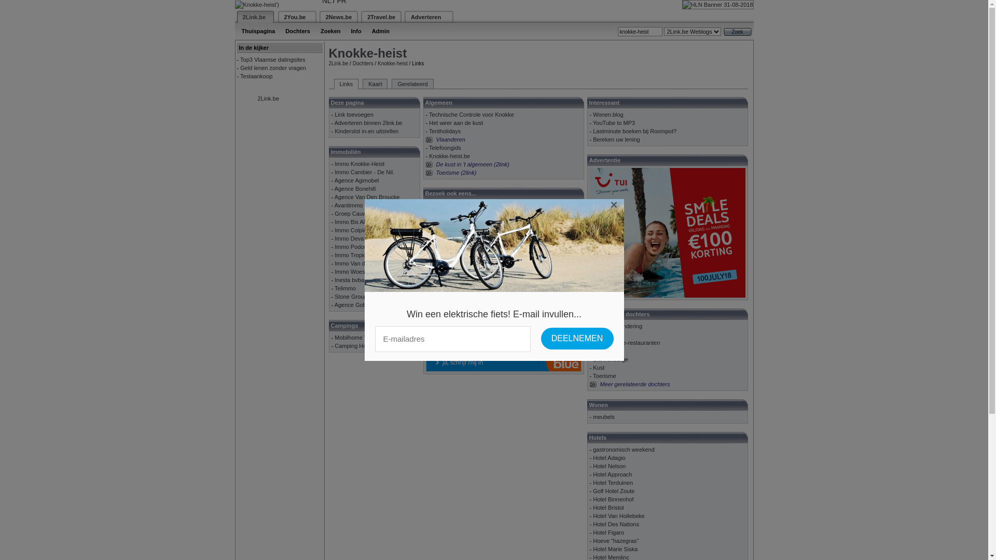 The image size is (996, 560). What do you see at coordinates (592, 532) in the screenshot?
I see `'Hotel Figaro'` at bounding box center [592, 532].